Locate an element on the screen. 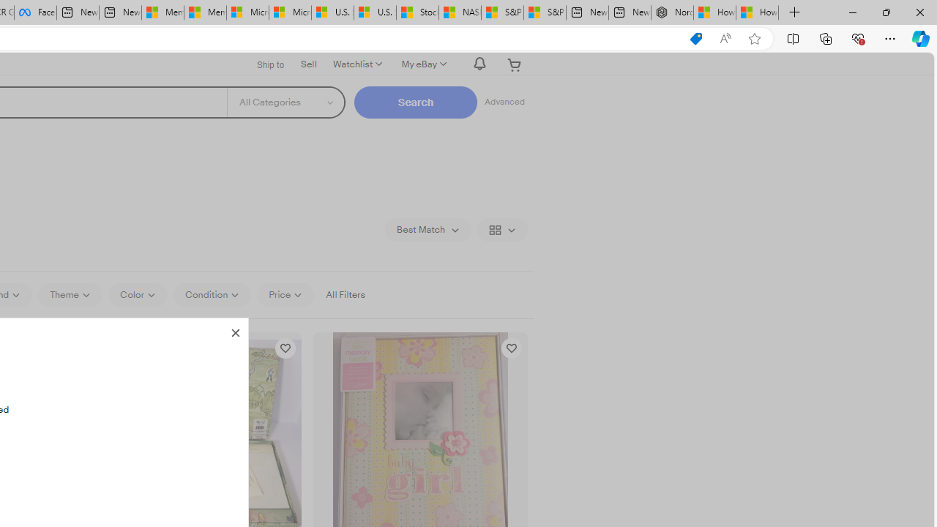  'Settings and more (Alt+F)' is located at coordinates (889, 37).